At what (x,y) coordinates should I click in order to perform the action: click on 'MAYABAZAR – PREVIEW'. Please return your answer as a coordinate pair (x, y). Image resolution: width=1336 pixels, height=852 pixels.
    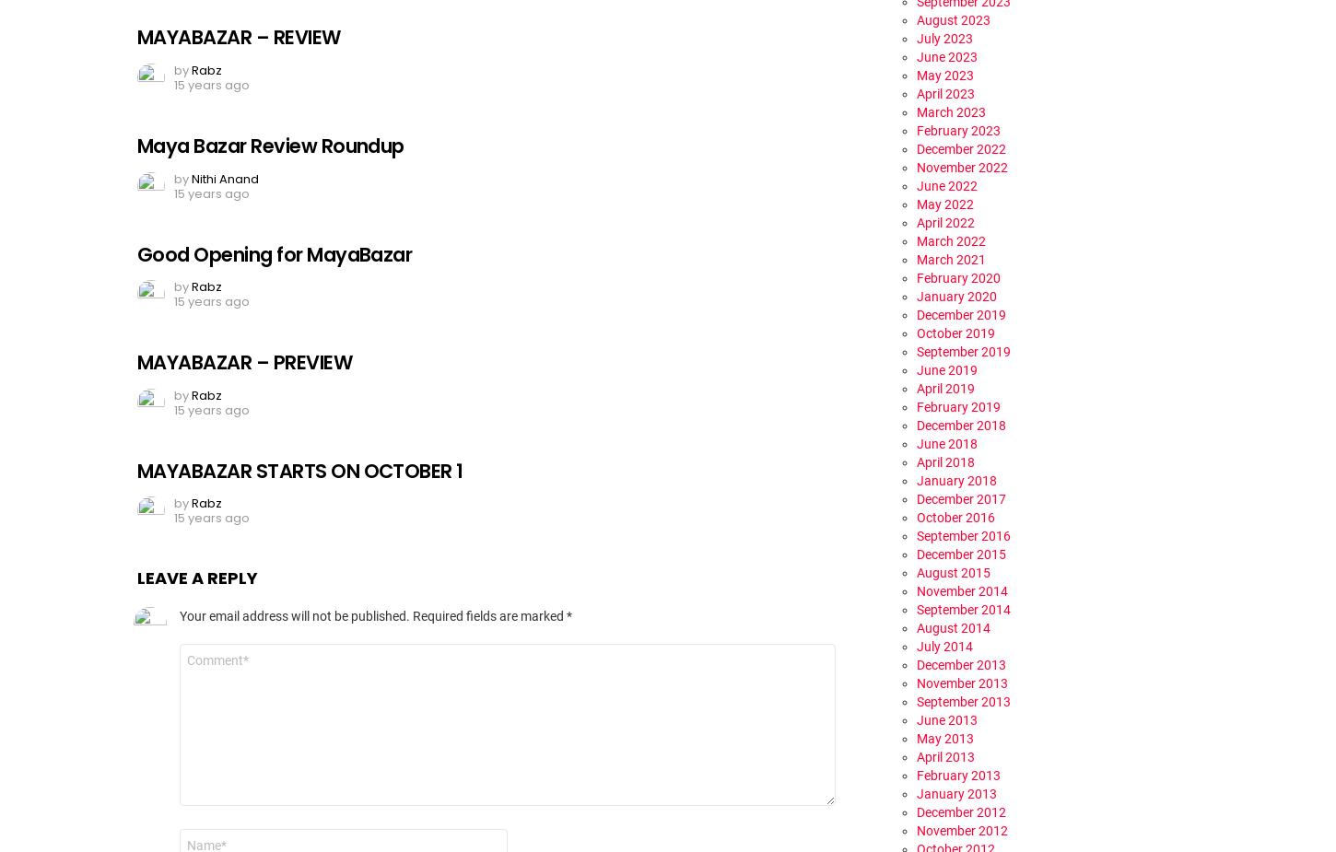
    Looking at the image, I should click on (244, 361).